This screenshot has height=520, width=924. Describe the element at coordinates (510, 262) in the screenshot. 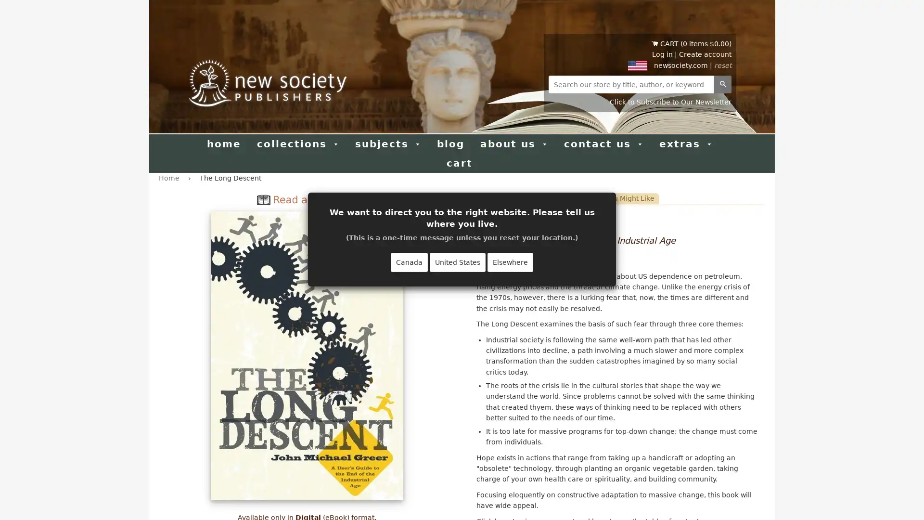

I see `Elsewhere` at that location.